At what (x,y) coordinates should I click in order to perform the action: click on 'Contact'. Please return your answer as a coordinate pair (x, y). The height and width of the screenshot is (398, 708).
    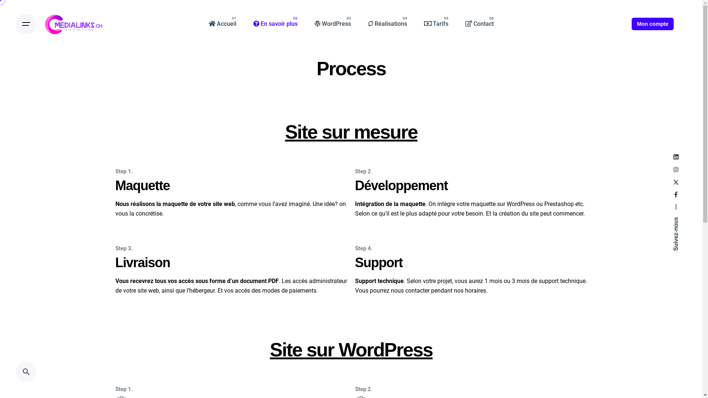
    Looking at the image, I should click on (479, 24).